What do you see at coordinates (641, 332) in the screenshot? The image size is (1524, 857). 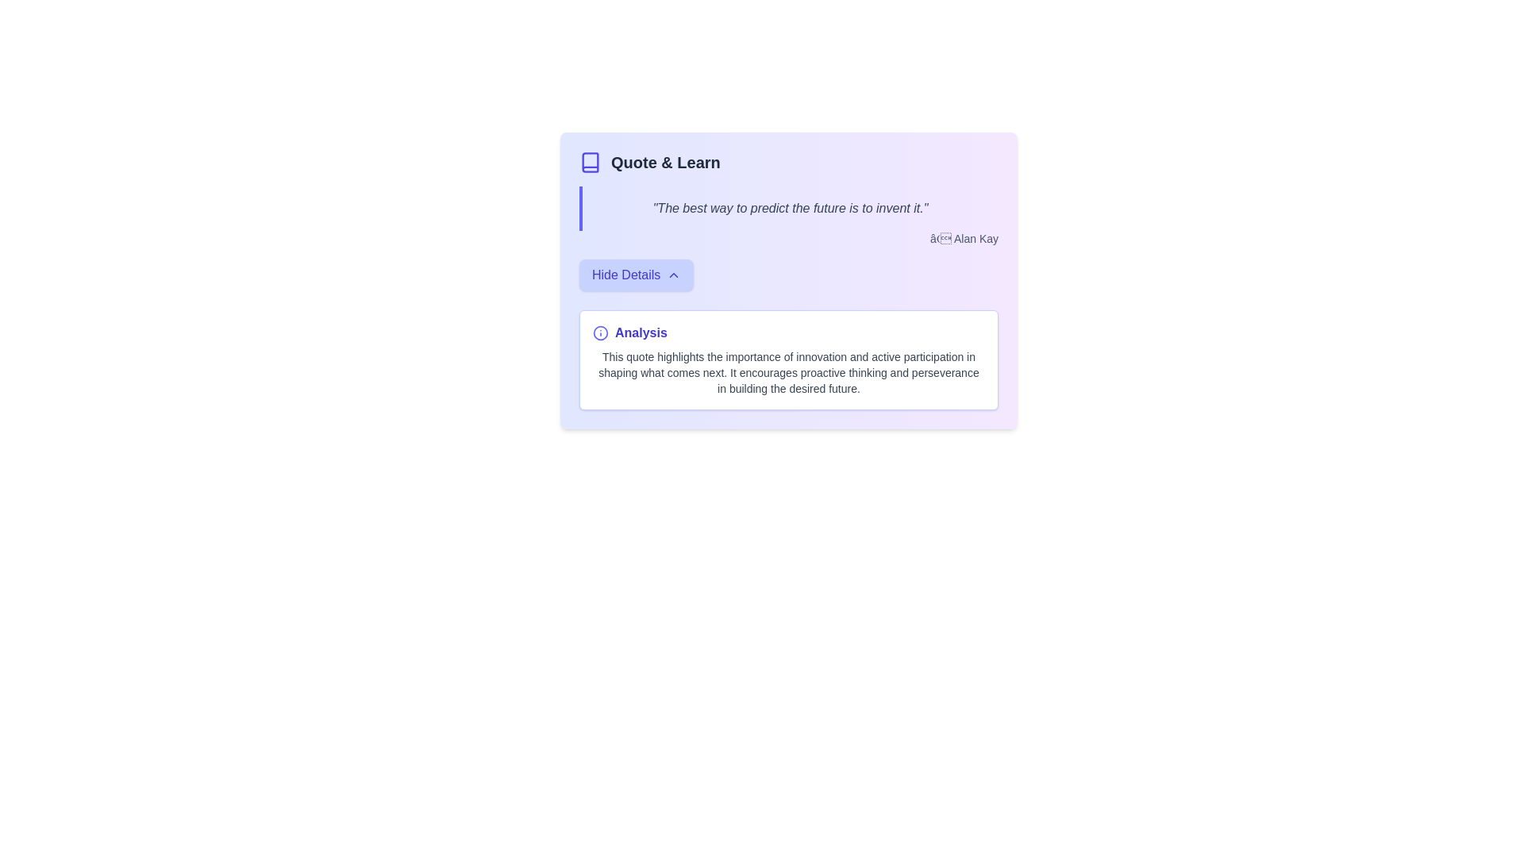 I see `the static label that serves as a title or descriptor, located beside an information icon in the lower-middle area of the card-like interface` at bounding box center [641, 332].